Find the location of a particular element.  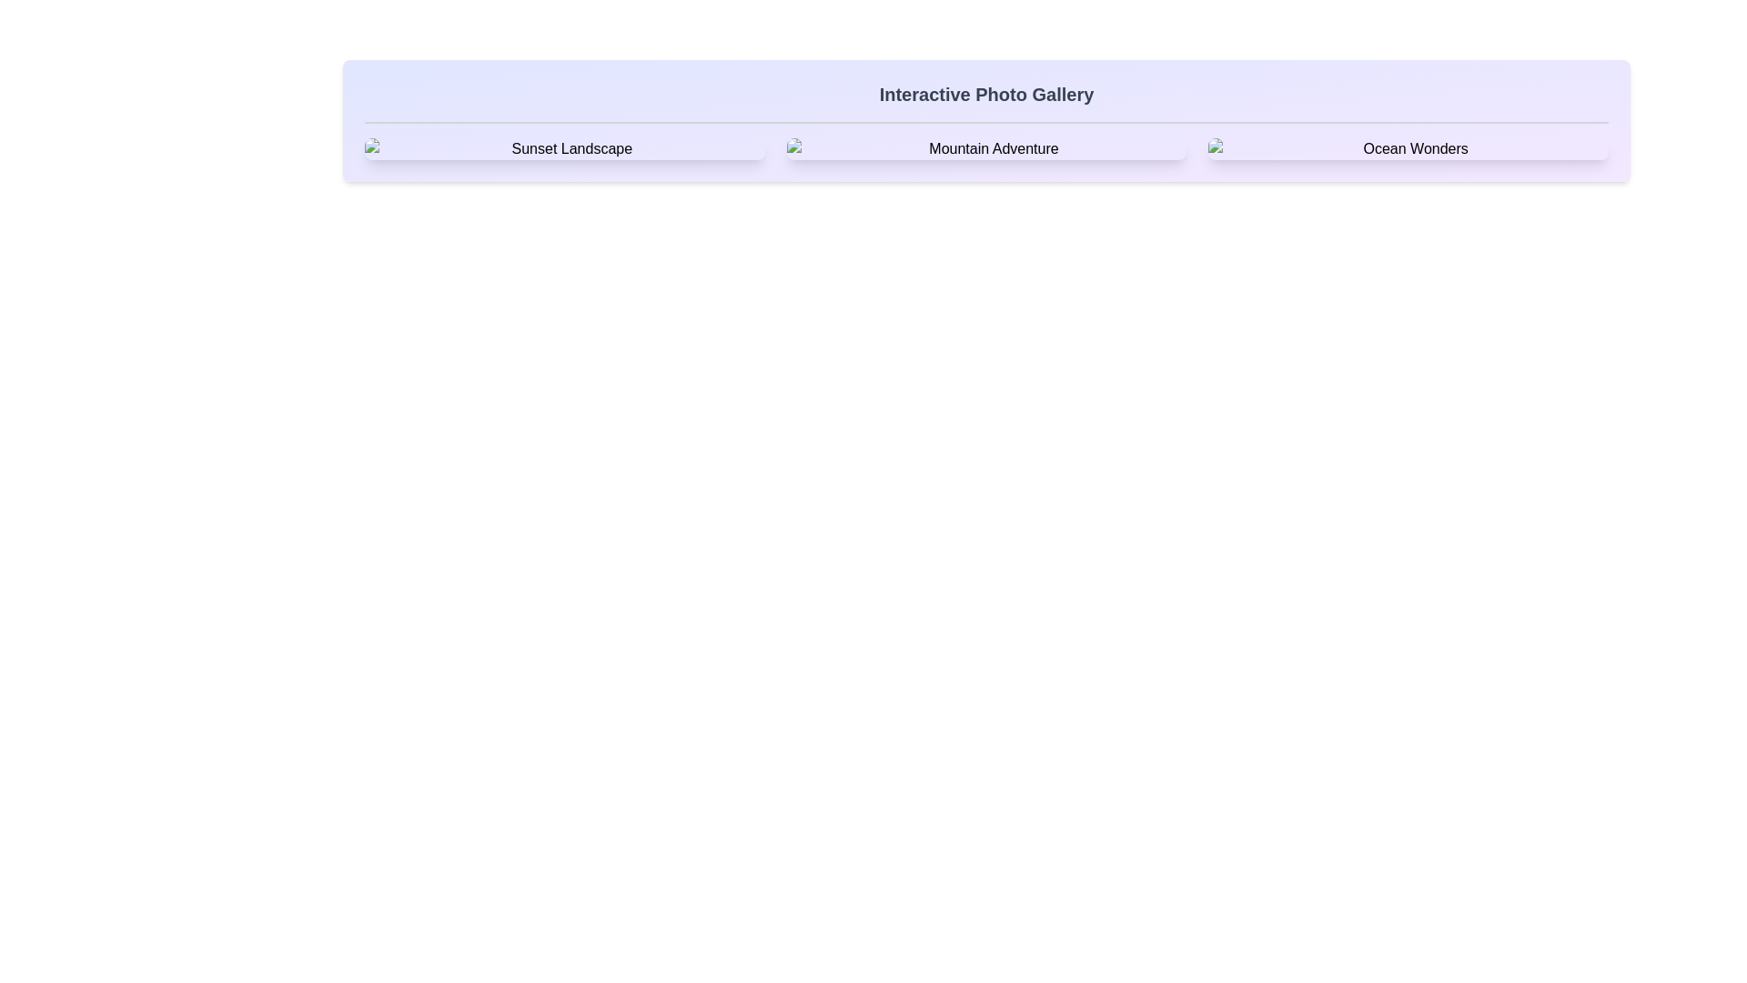

the 'Sunset Landscape' card in the Interactive Photo Gallery is located at coordinates (563, 148).